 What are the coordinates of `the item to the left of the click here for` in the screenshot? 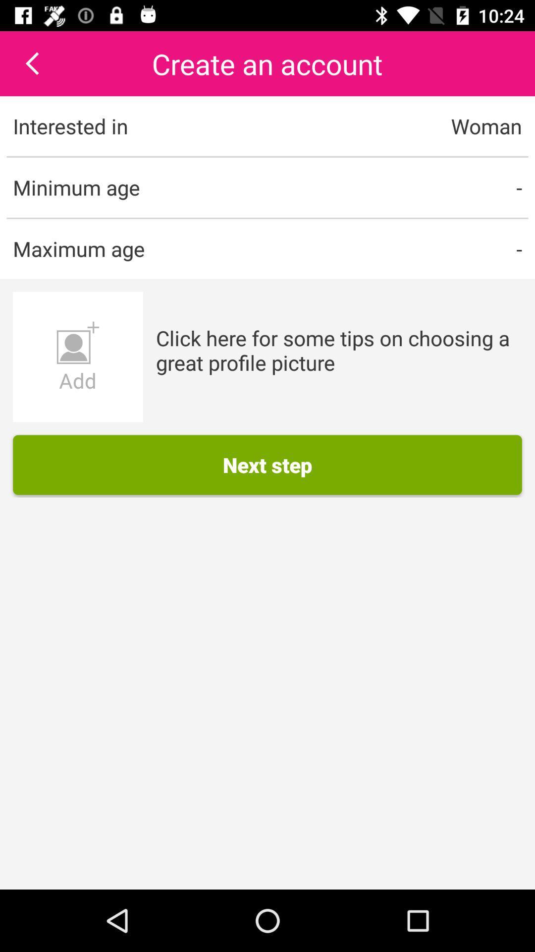 It's located at (77, 357).